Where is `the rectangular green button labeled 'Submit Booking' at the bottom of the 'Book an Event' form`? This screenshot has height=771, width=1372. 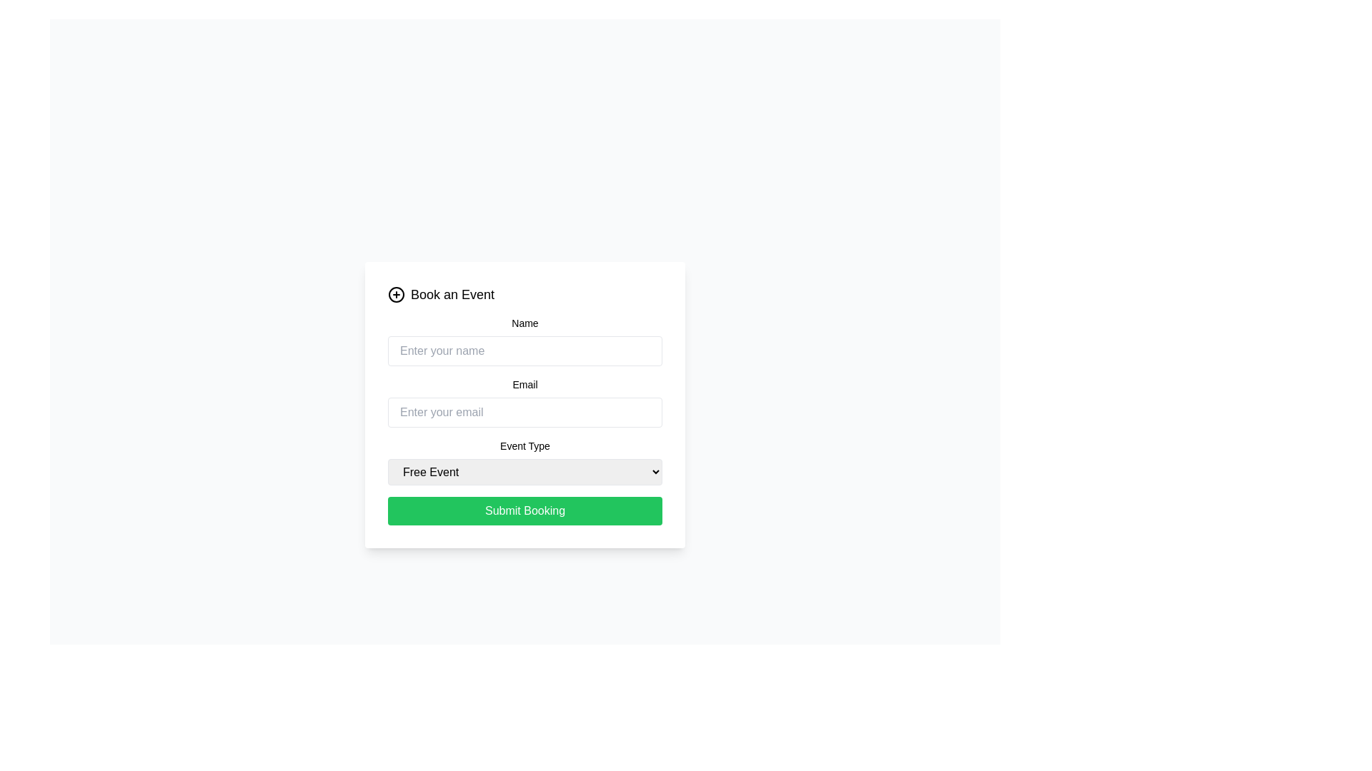 the rectangular green button labeled 'Submit Booking' at the bottom of the 'Book an Event' form is located at coordinates (524, 509).